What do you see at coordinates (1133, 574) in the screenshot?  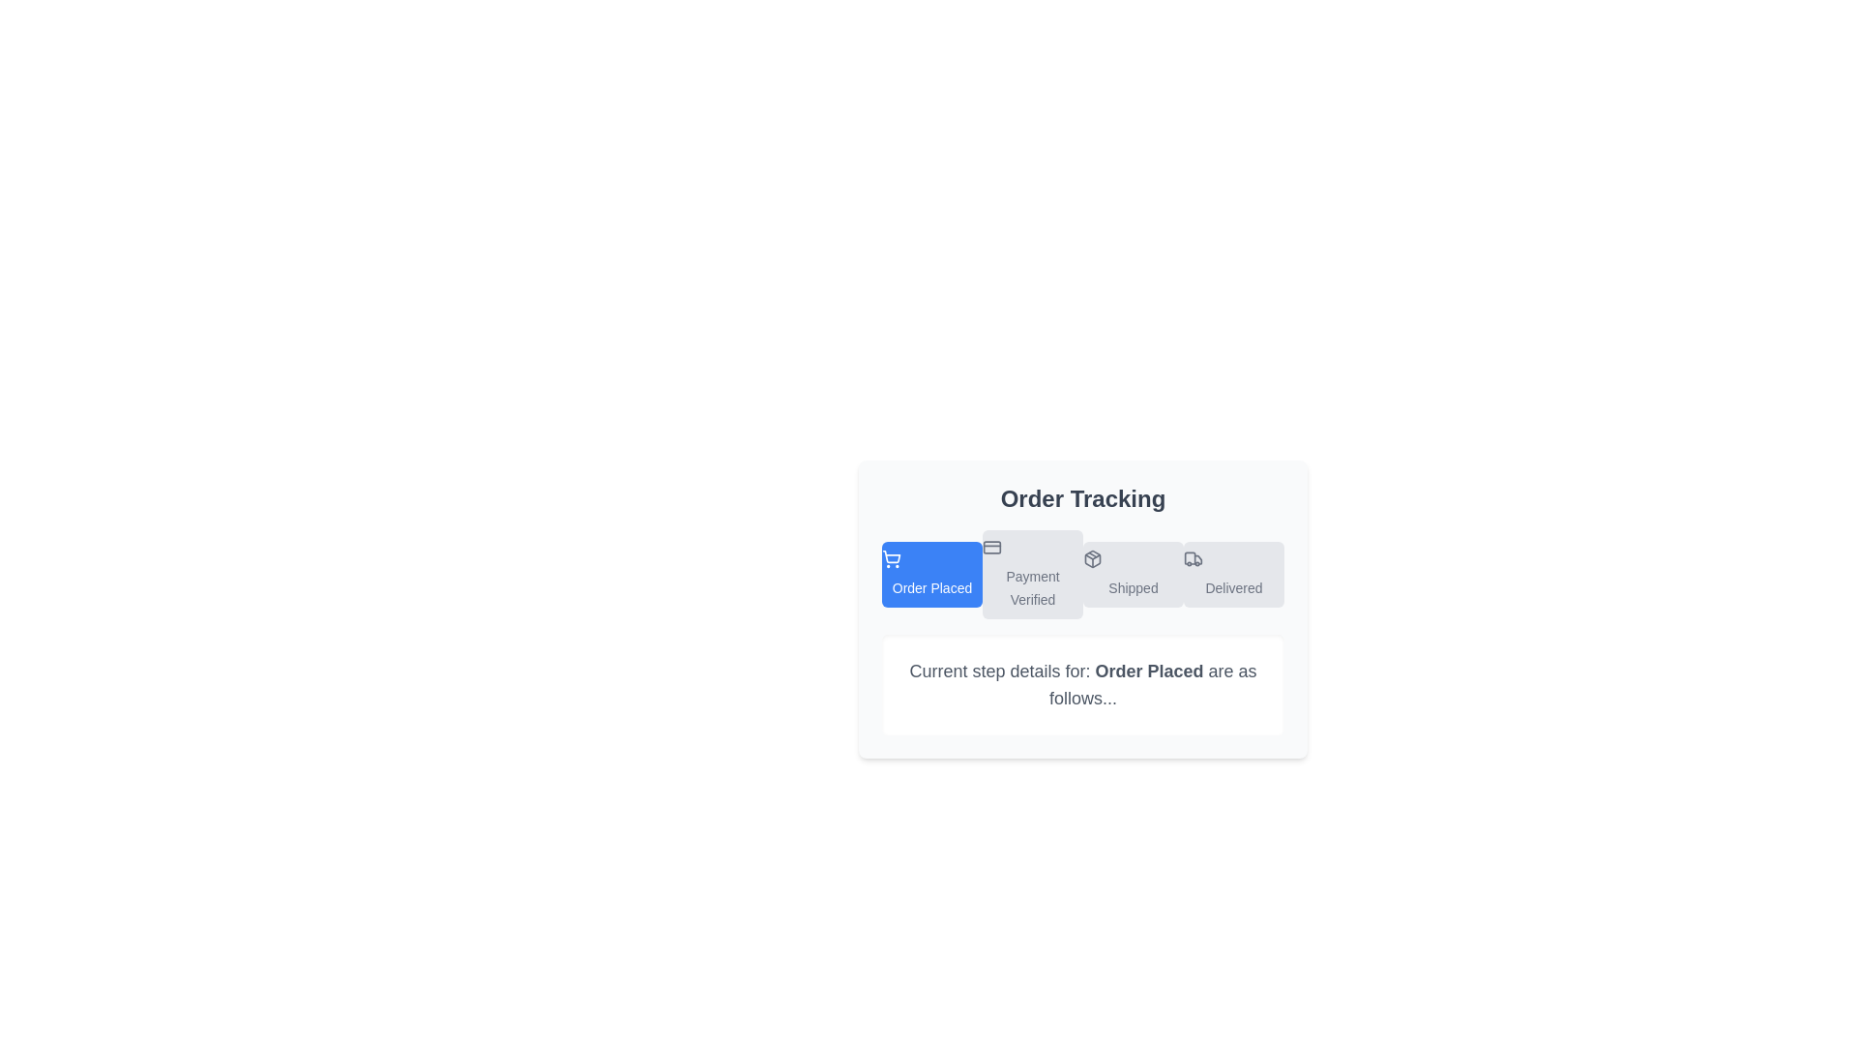 I see `the 'Shipped' button in the Order Tracking progress bar` at bounding box center [1133, 574].